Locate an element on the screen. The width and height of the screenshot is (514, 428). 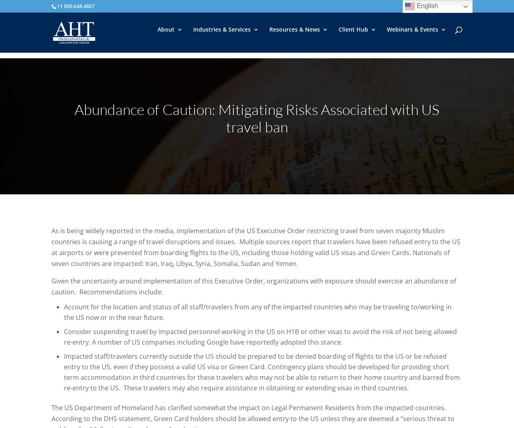
'Impacted staff/travelers currently outside the US should be prepared to be denied boarding of flights to the US or be refused entry to the US, even if they possess a valid US visa or Green Card. Contingency plans should be developed for providing short term accommodation in third countries for these travelers who may not be able to return to their home country and barred from re-entry to the US.  These travelers may also require assistance in obtaining or extending visas in third countries.' is located at coordinates (63, 372).